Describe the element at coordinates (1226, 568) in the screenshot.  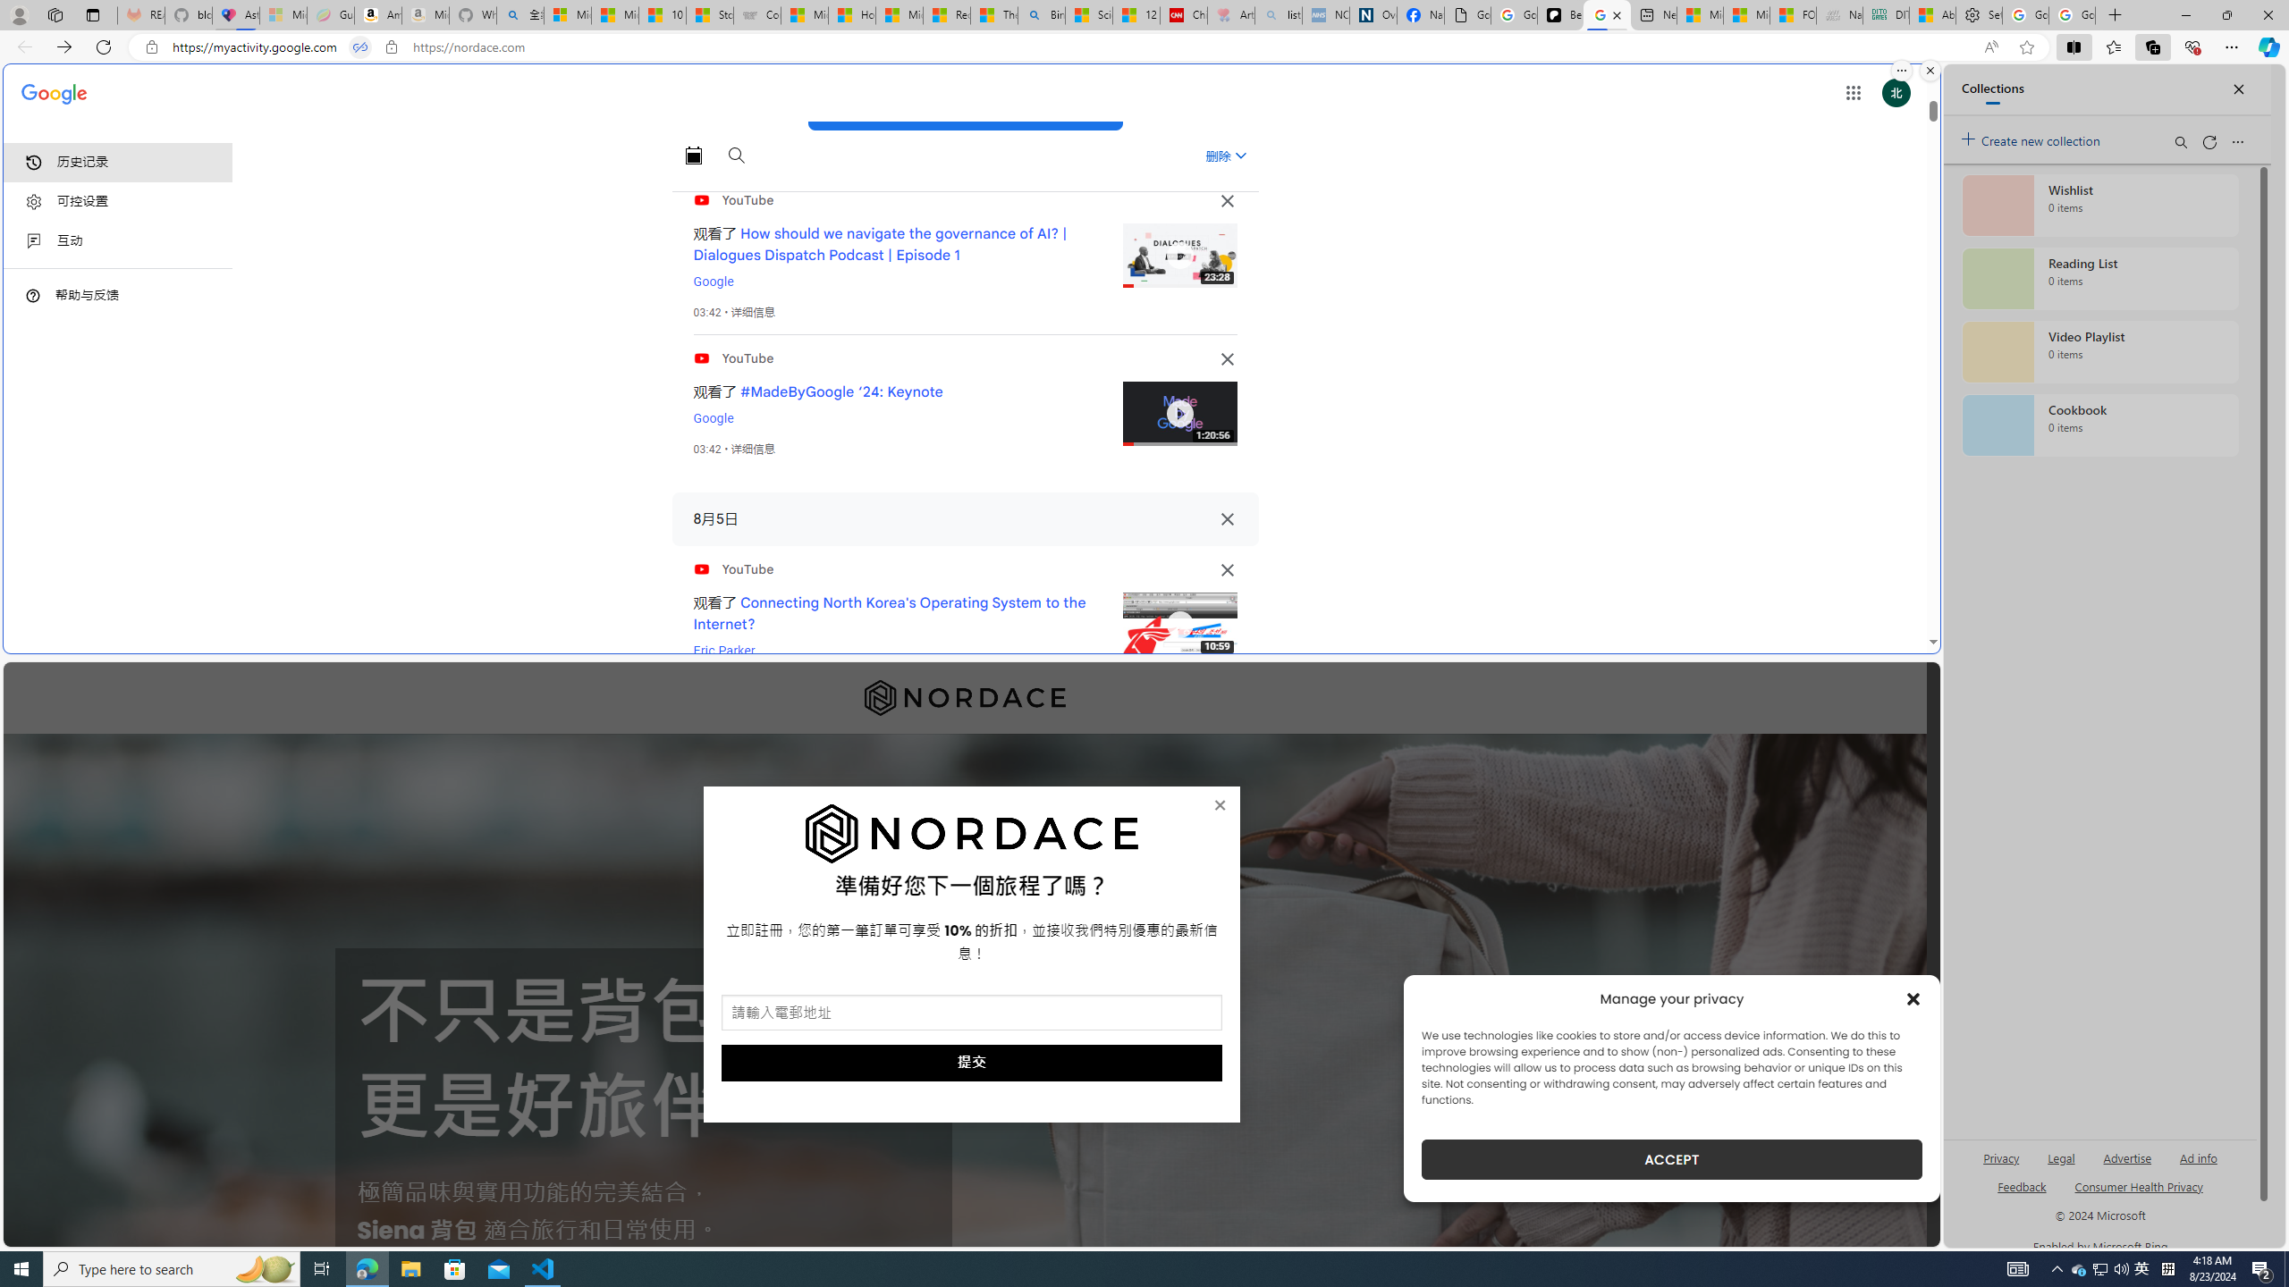
I see `'Class: TjcpUd NMm5M'` at that location.